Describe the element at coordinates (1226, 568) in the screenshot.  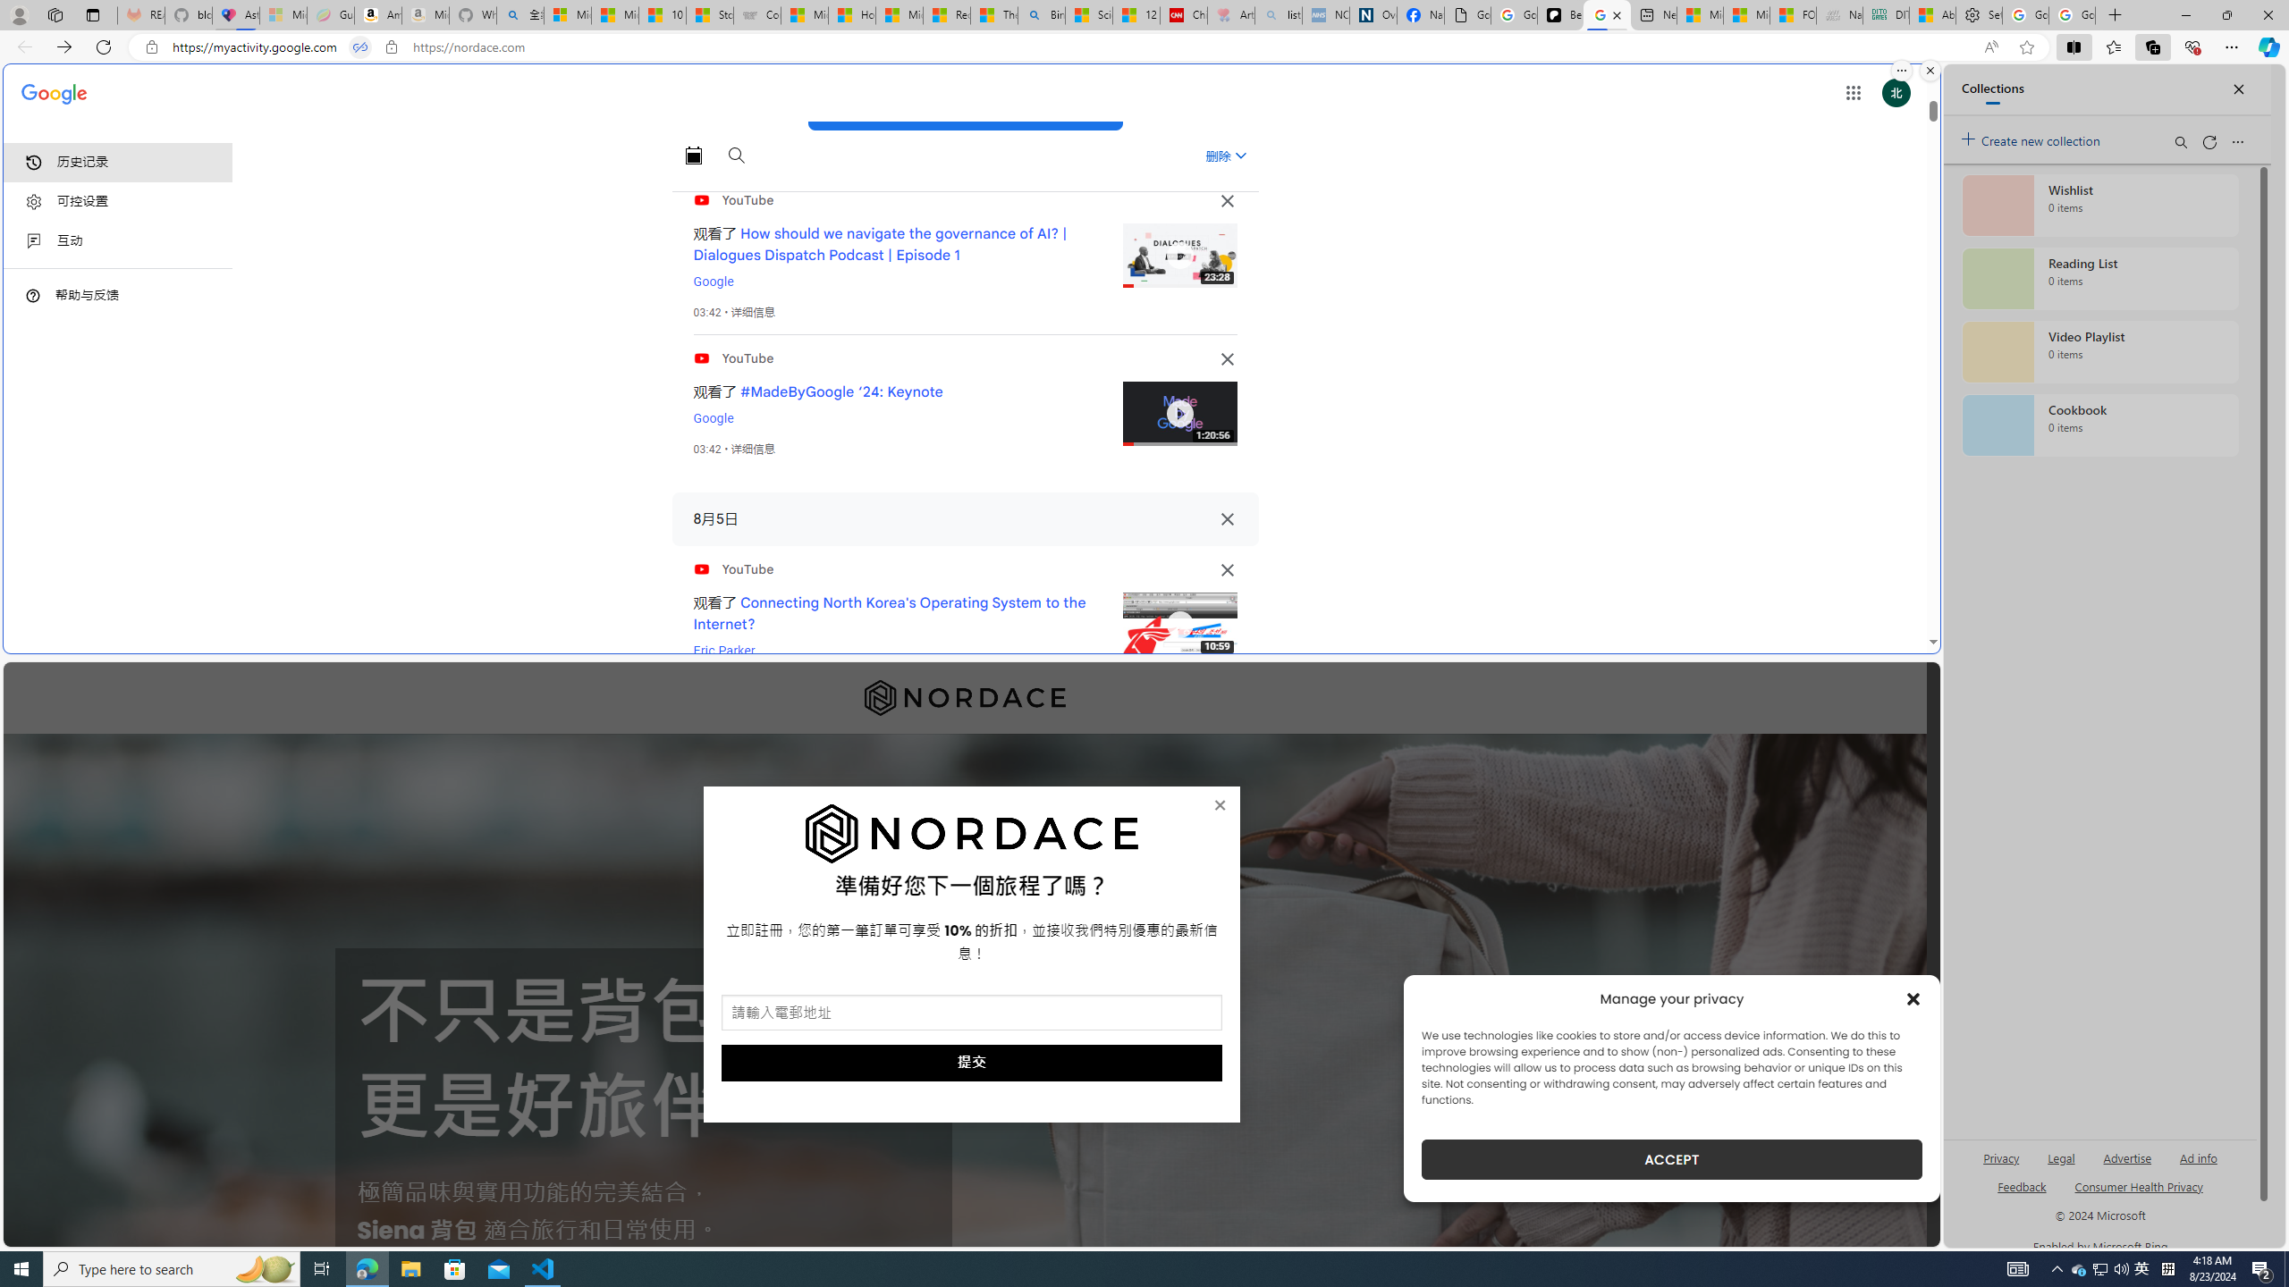
I see `'Class: TjcpUd NMm5M'` at that location.